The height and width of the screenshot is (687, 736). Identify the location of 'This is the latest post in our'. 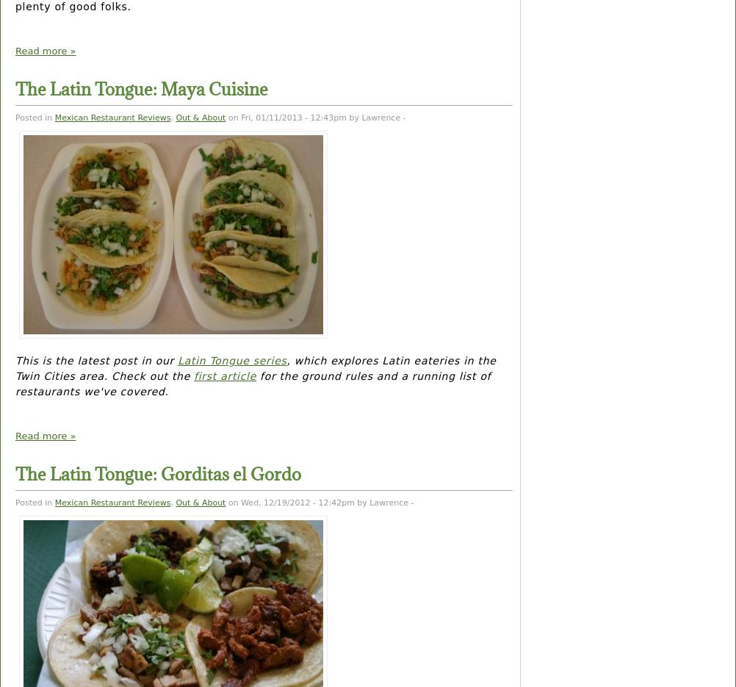
(95, 360).